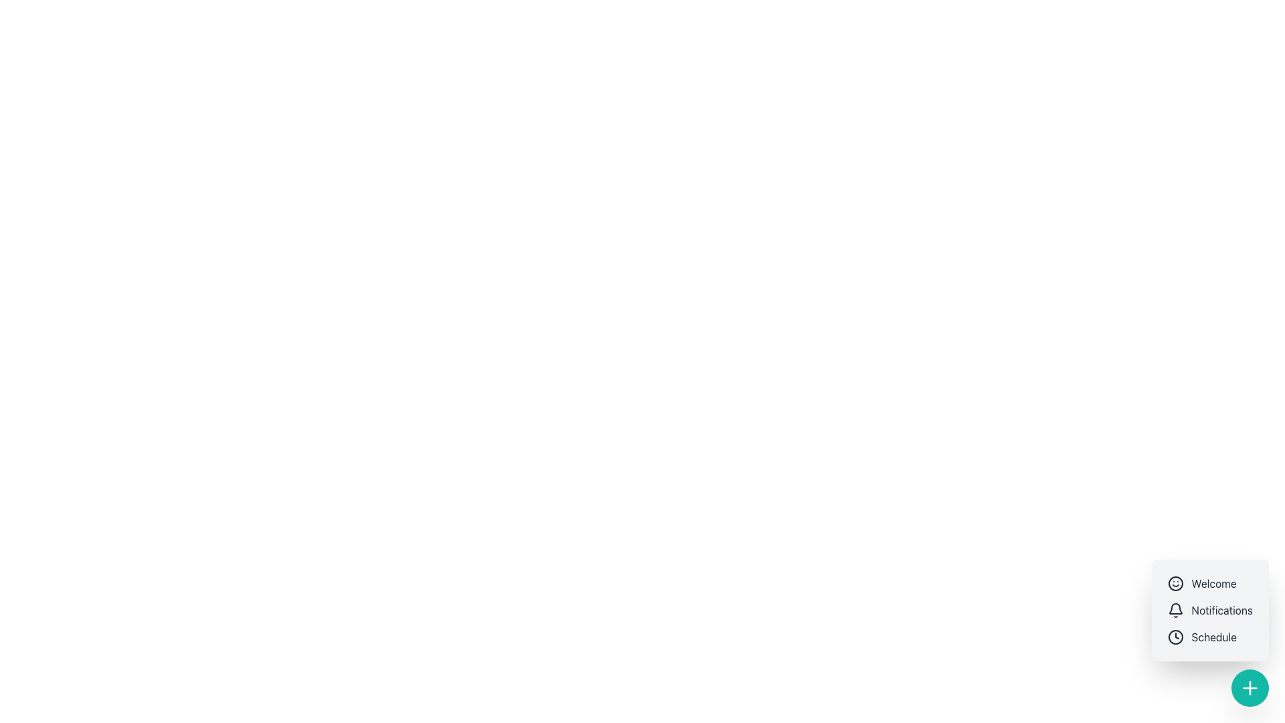  What do you see at coordinates (1175, 610) in the screenshot?
I see `the bell icon located near the top-left corner of the notifications segment` at bounding box center [1175, 610].